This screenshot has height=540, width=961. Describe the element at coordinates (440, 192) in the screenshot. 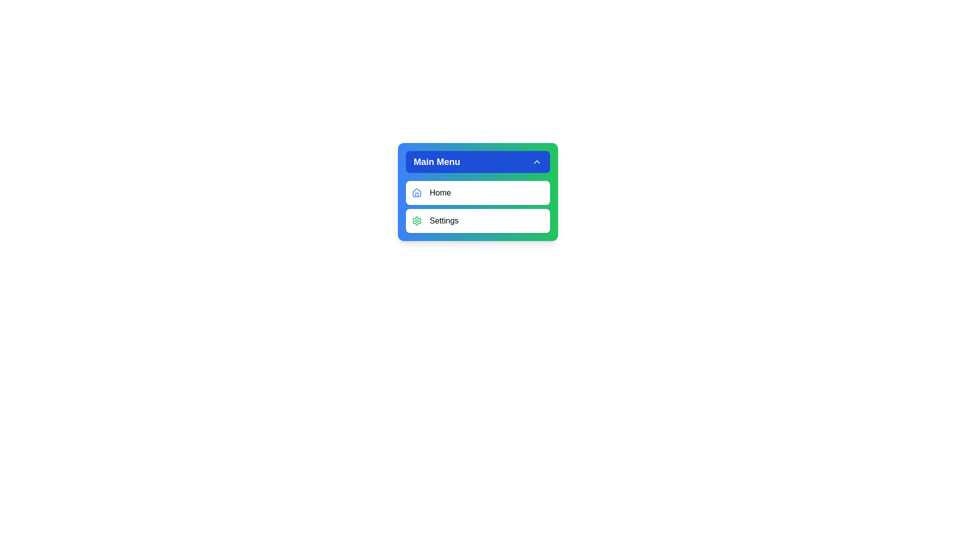

I see `the 'Home' static text label, which is the first option in the menu under the 'Main Menu' blue header, located immediately to the right of the house-shaped icon` at that location.